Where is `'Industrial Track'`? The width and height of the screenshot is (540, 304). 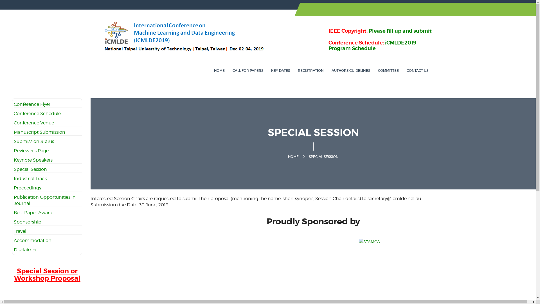 'Industrial Track' is located at coordinates (30, 178).